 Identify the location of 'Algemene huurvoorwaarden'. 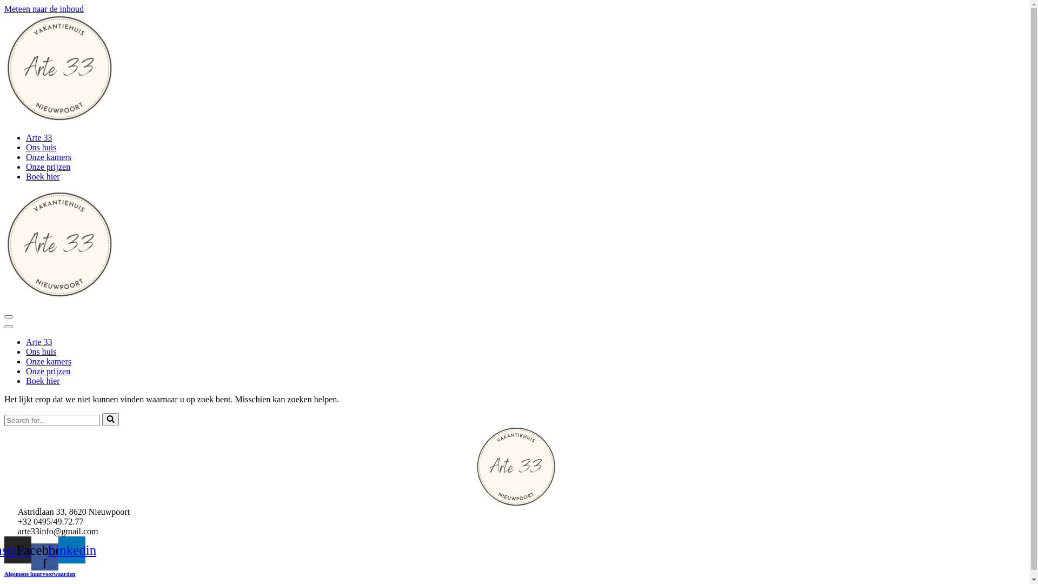
(39, 573).